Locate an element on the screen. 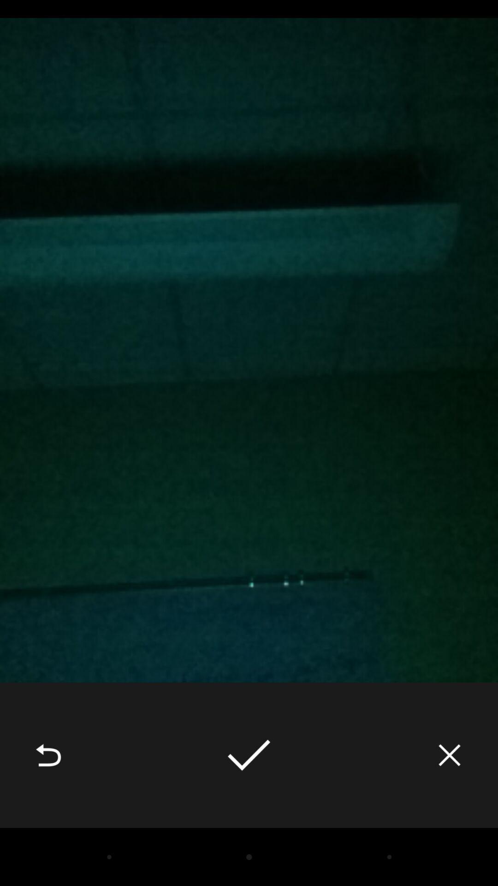 The image size is (498, 886). icon at the bottom right corner is located at coordinates (449, 755).